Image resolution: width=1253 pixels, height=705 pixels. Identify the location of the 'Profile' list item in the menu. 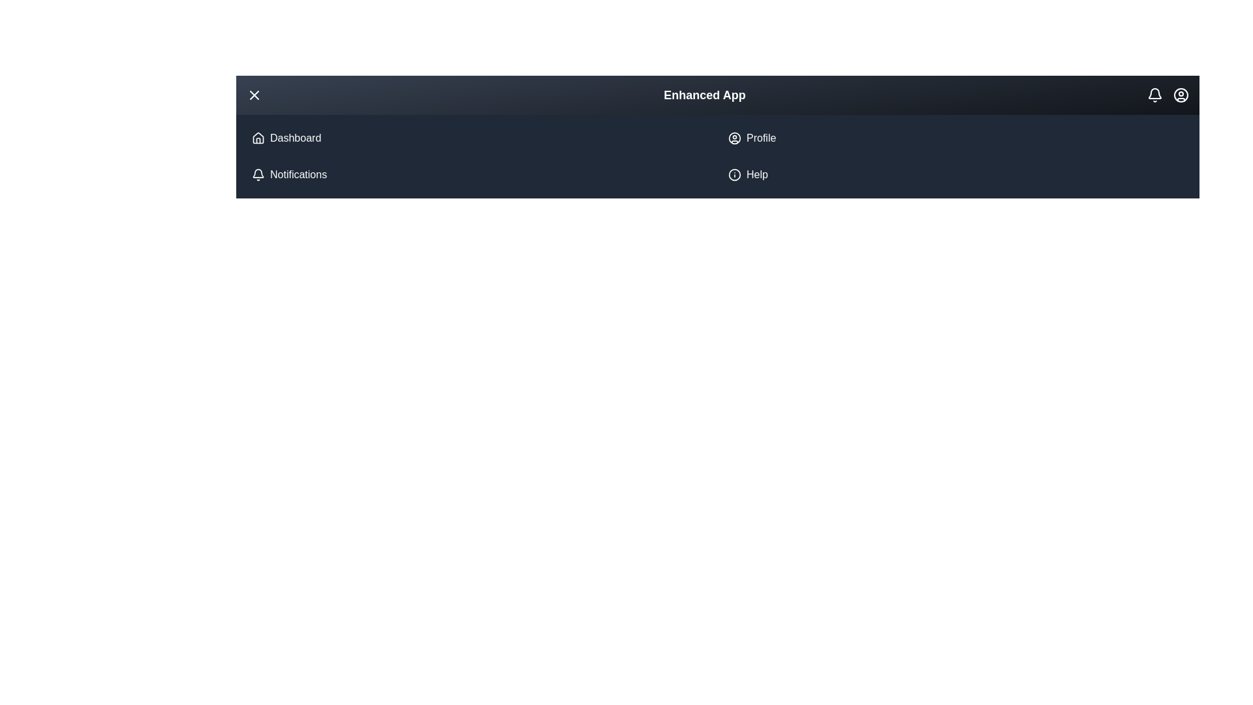
(761, 138).